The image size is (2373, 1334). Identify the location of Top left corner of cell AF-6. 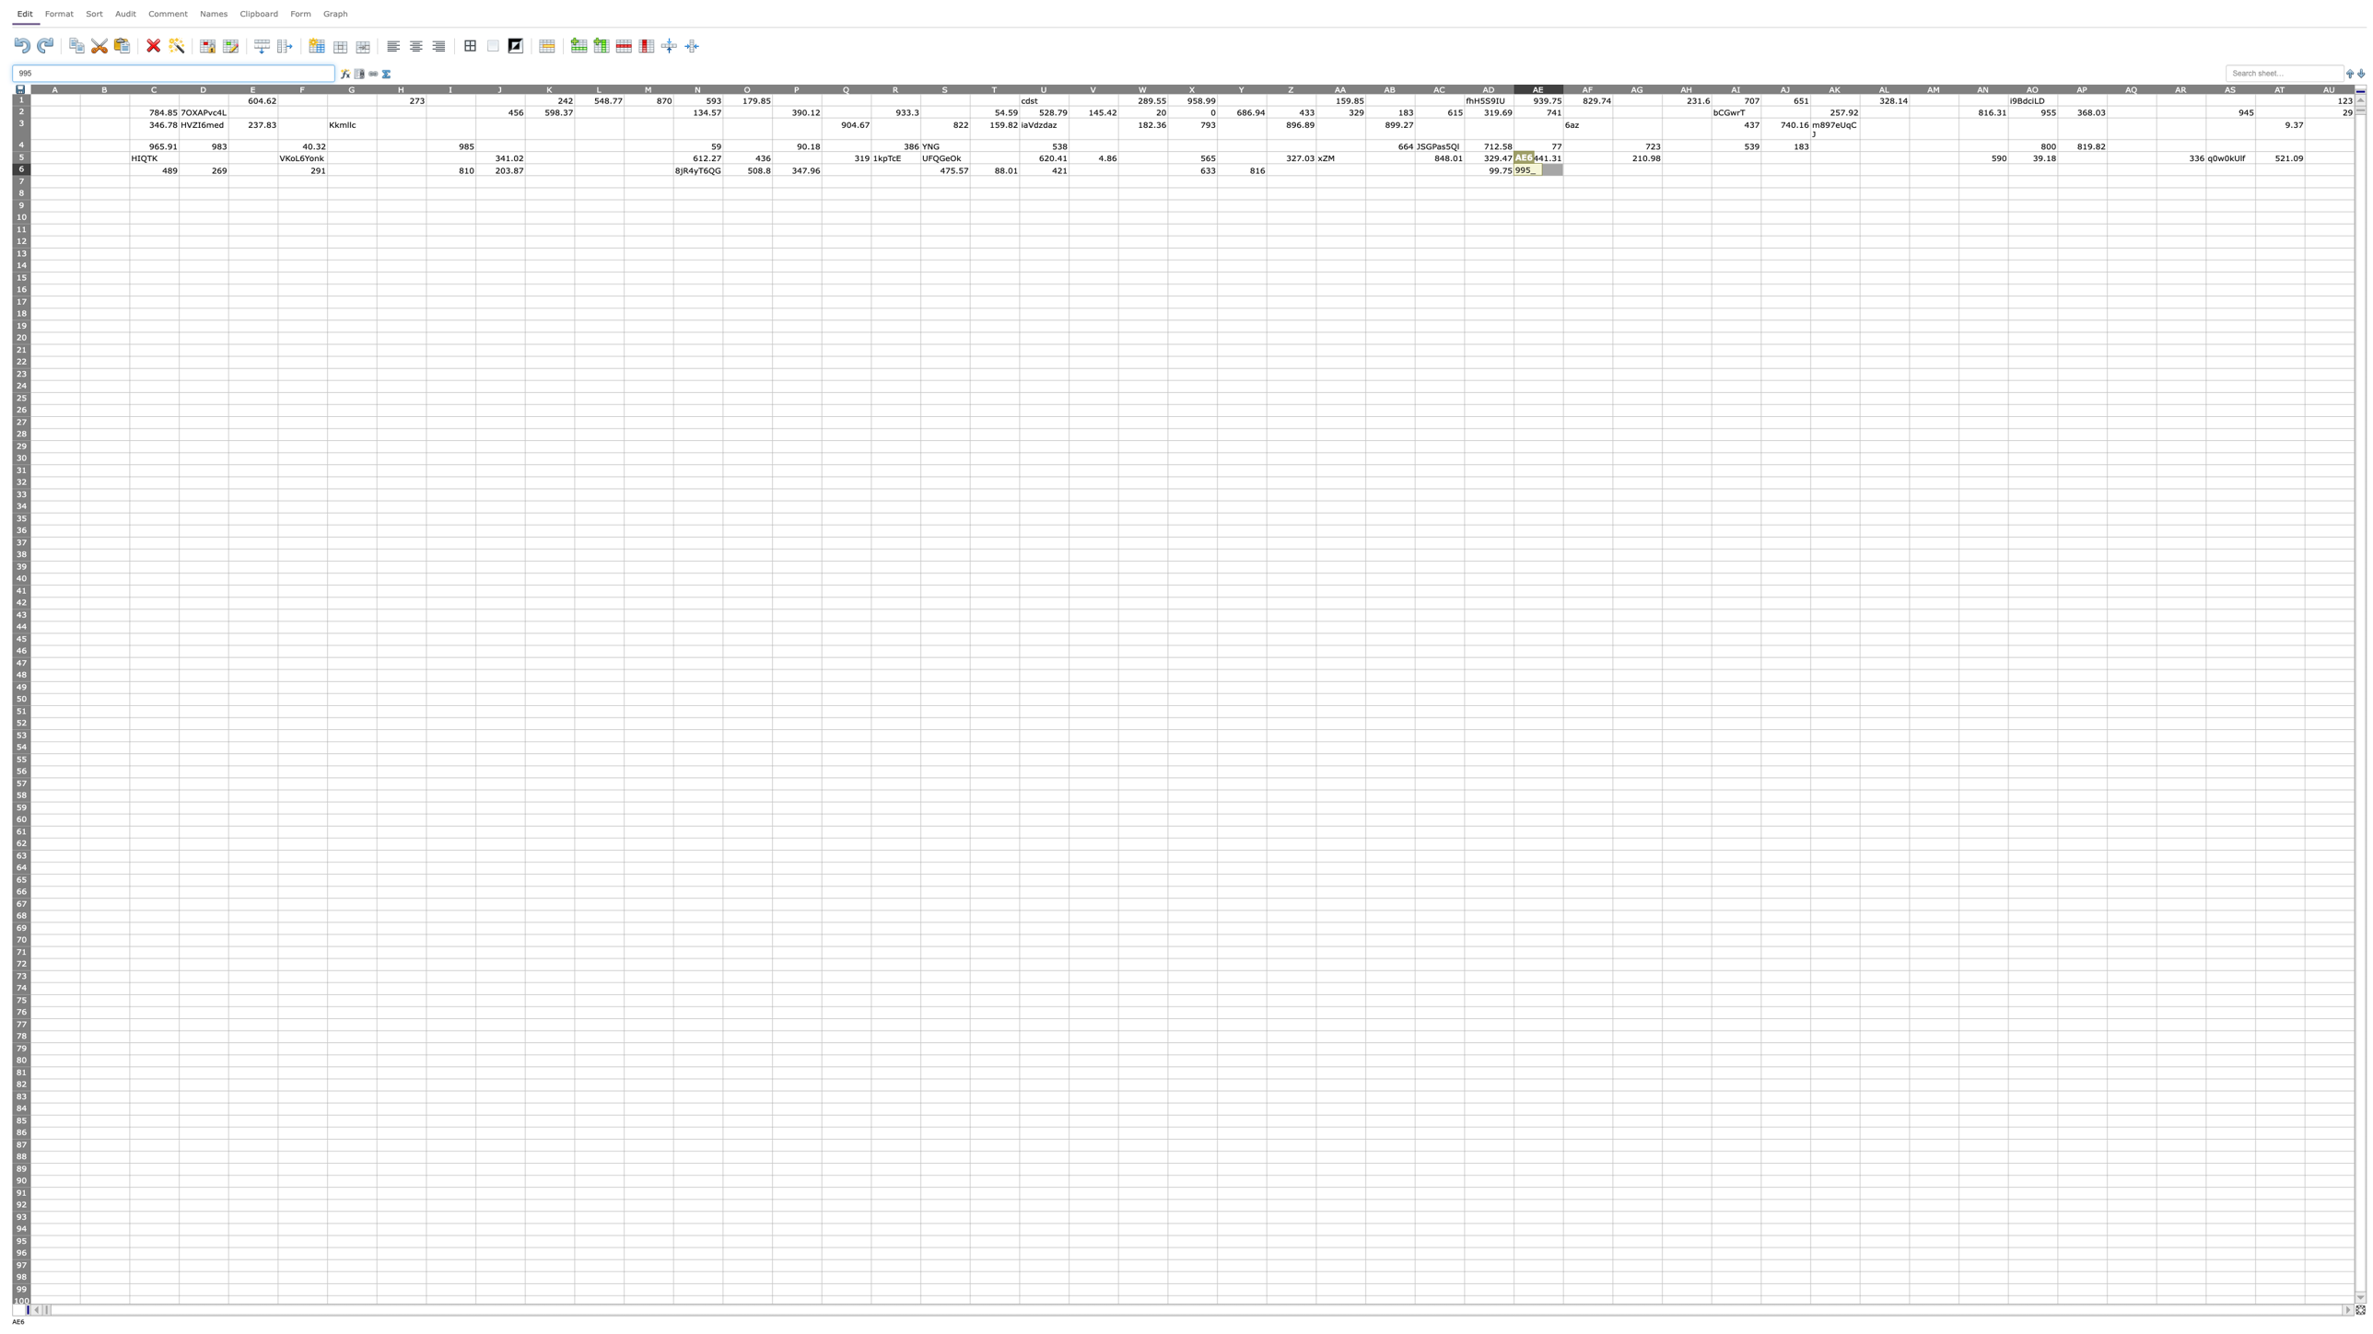
(1562, 163).